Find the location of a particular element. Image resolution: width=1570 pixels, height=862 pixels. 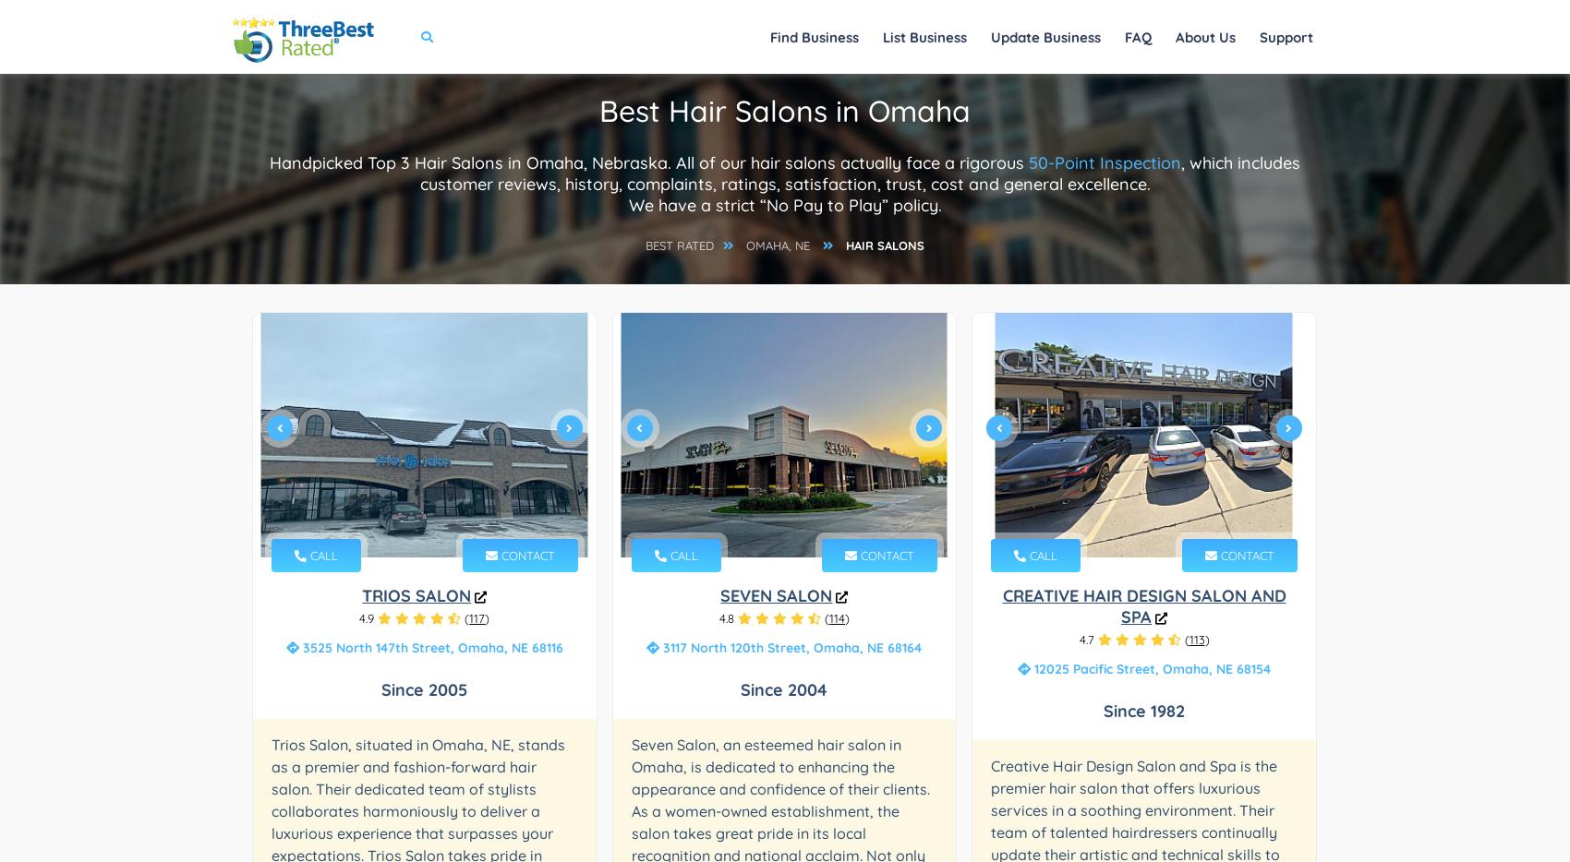

'114' is located at coordinates (827, 617).